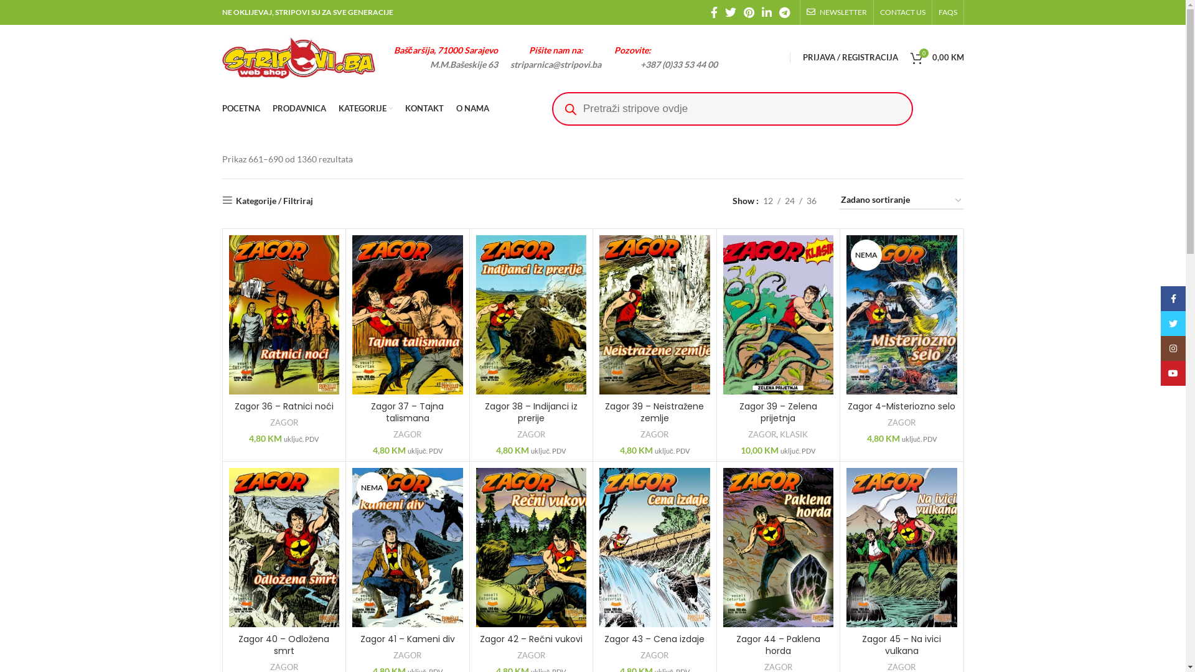 This screenshot has height=672, width=1195. Describe the element at coordinates (767, 200) in the screenshot. I see `'12'` at that location.